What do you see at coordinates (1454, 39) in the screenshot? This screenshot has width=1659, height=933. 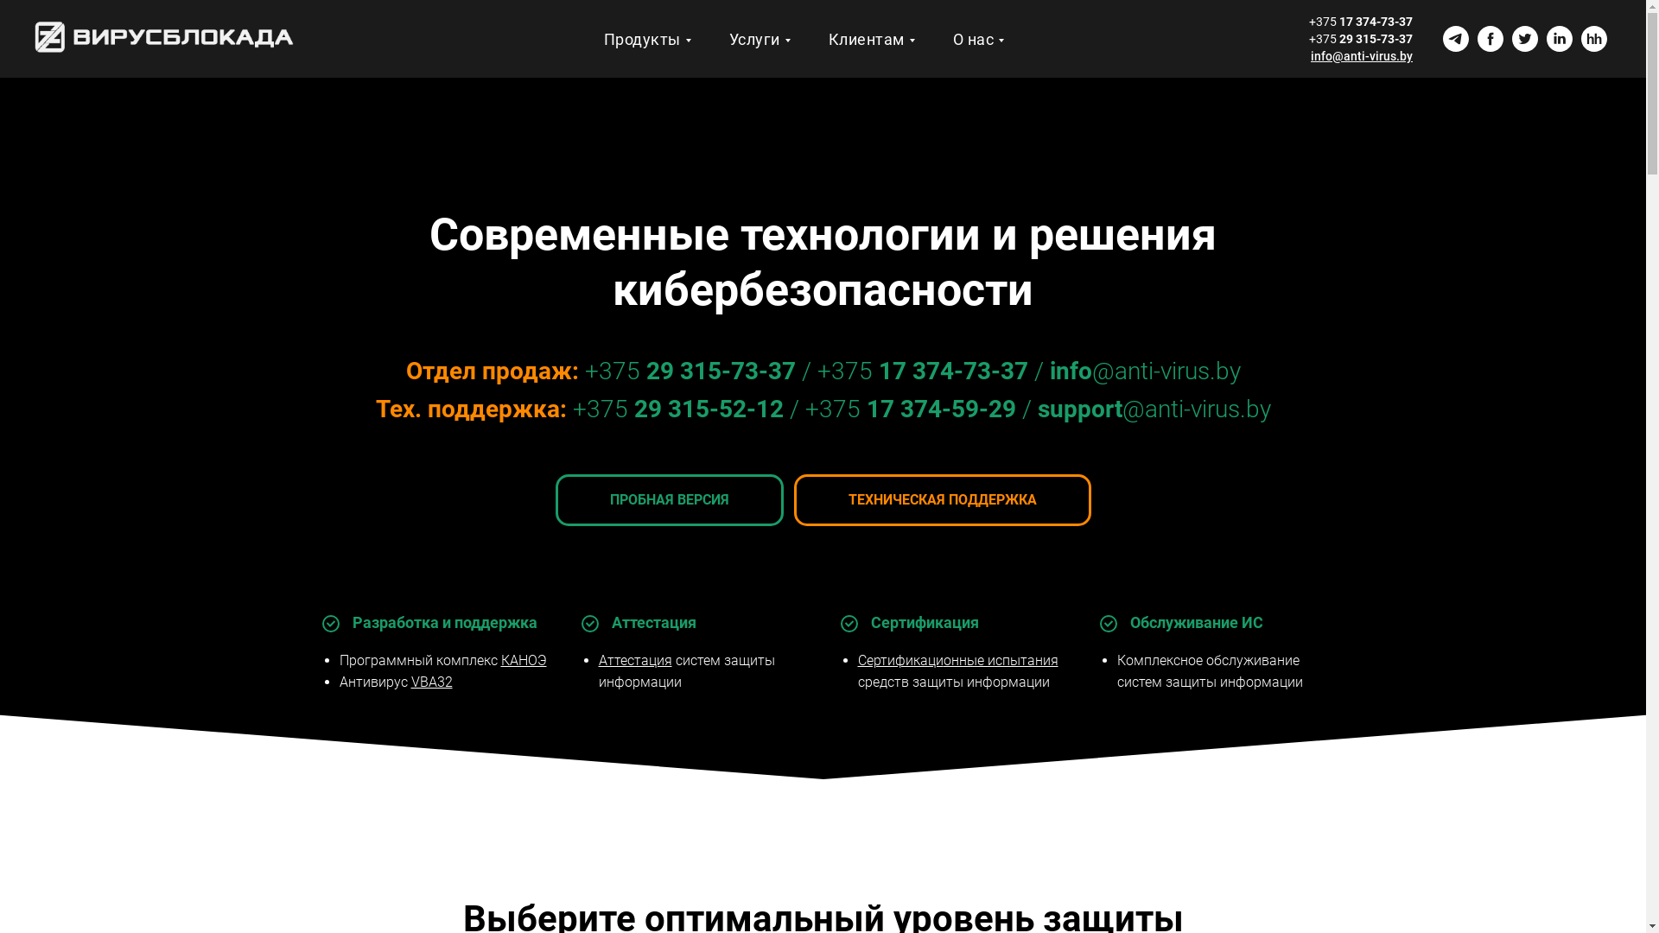 I see `'Telegram'` at bounding box center [1454, 39].